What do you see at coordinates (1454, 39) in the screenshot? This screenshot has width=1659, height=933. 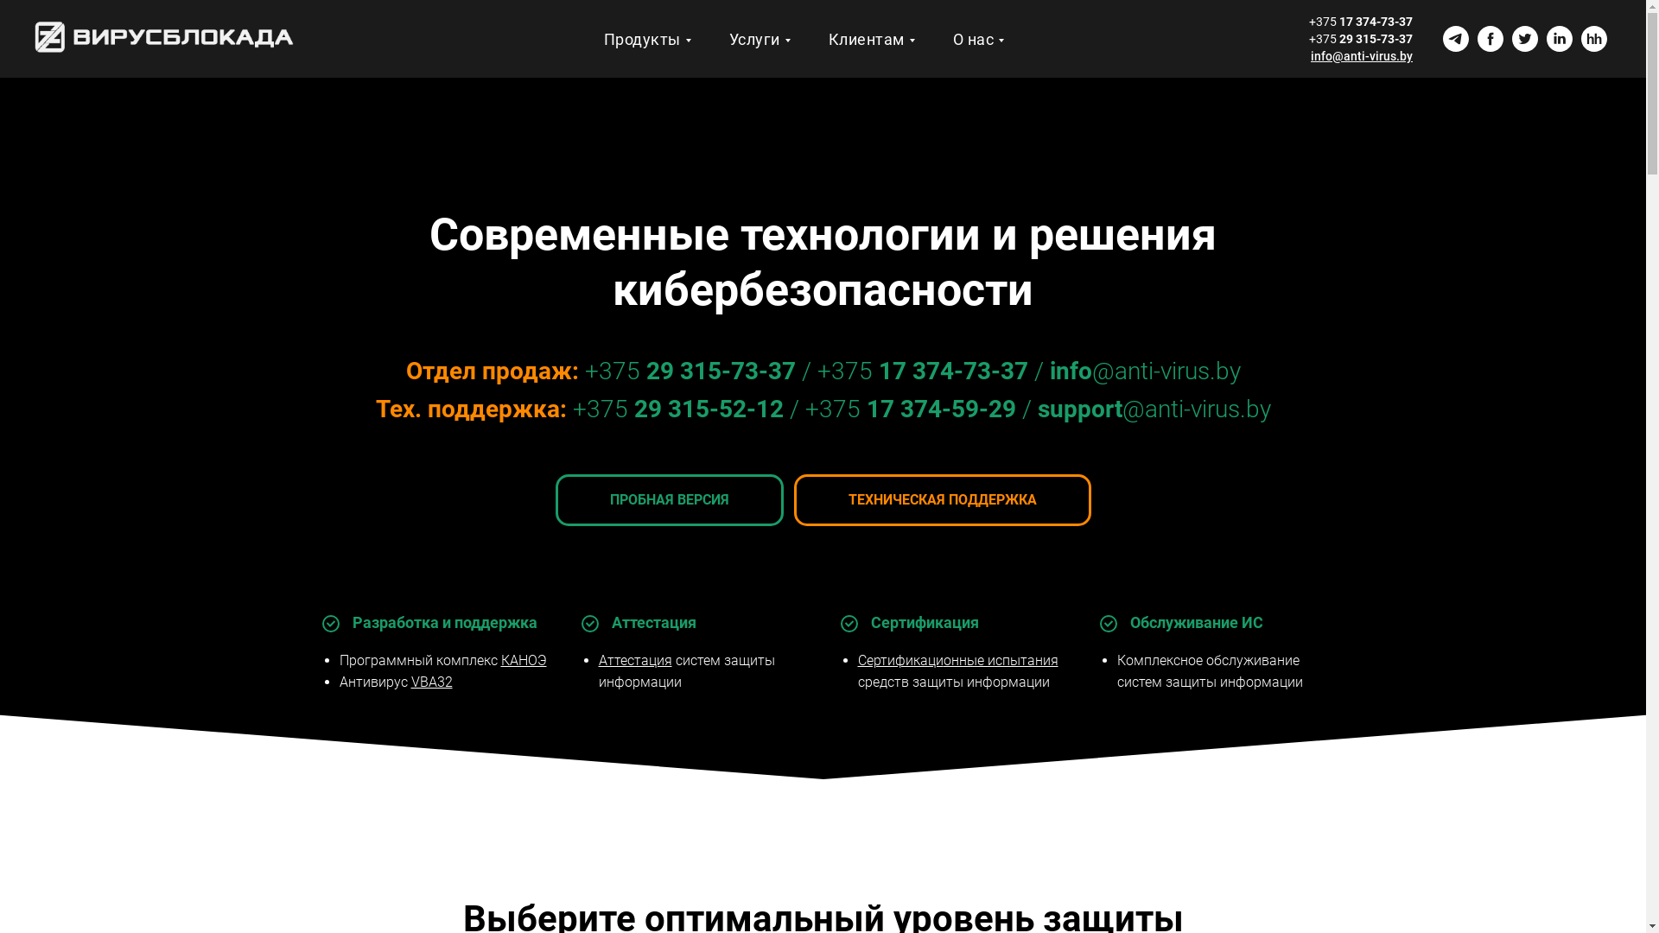 I see `'Telegram'` at bounding box center [1454, 39].